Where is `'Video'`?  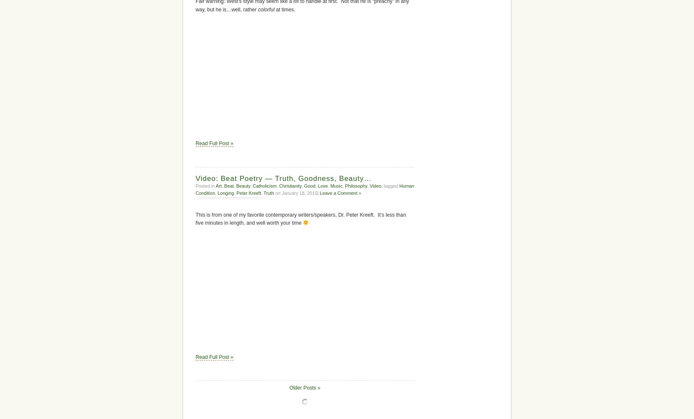
'Video' is located at coordinates (375, 186).